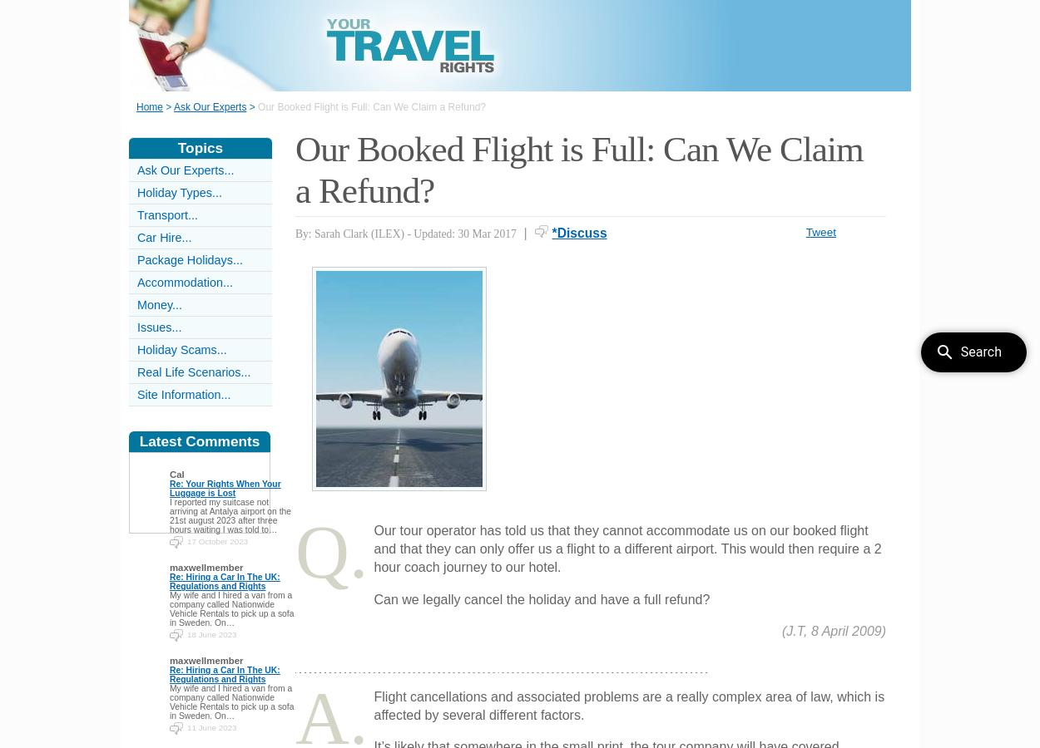 The width and height of the screenshot is (1040, 748). Describe the element at coordinates (184, 283) in the screenshot. I see `'Accommodation...'` at that location.